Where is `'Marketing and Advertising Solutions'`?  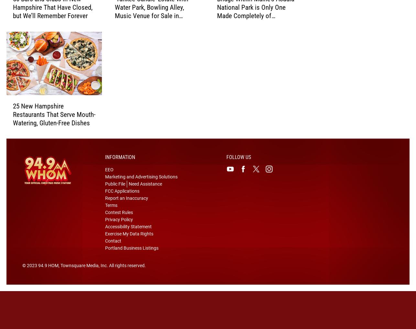
'Marketing and Advertising Solutions' is located at coordinates (141, 187).